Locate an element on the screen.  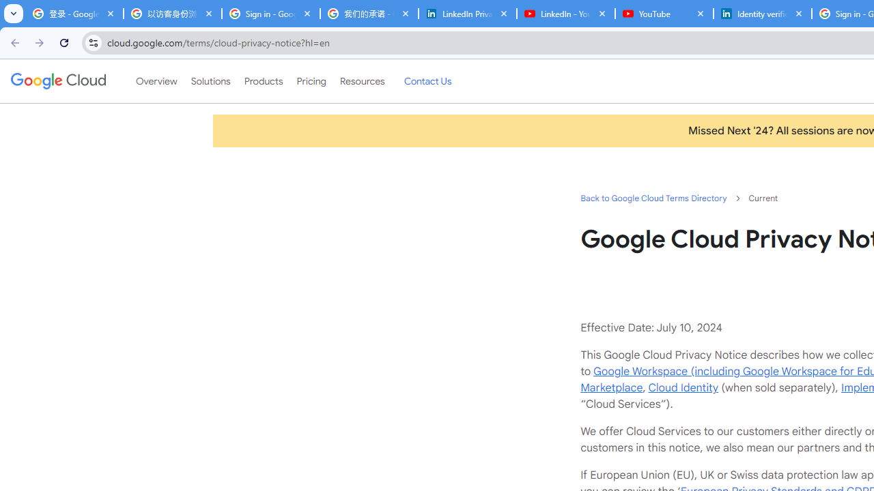
'Sign in - Google Accounts' is located at coordinates (270, 14).